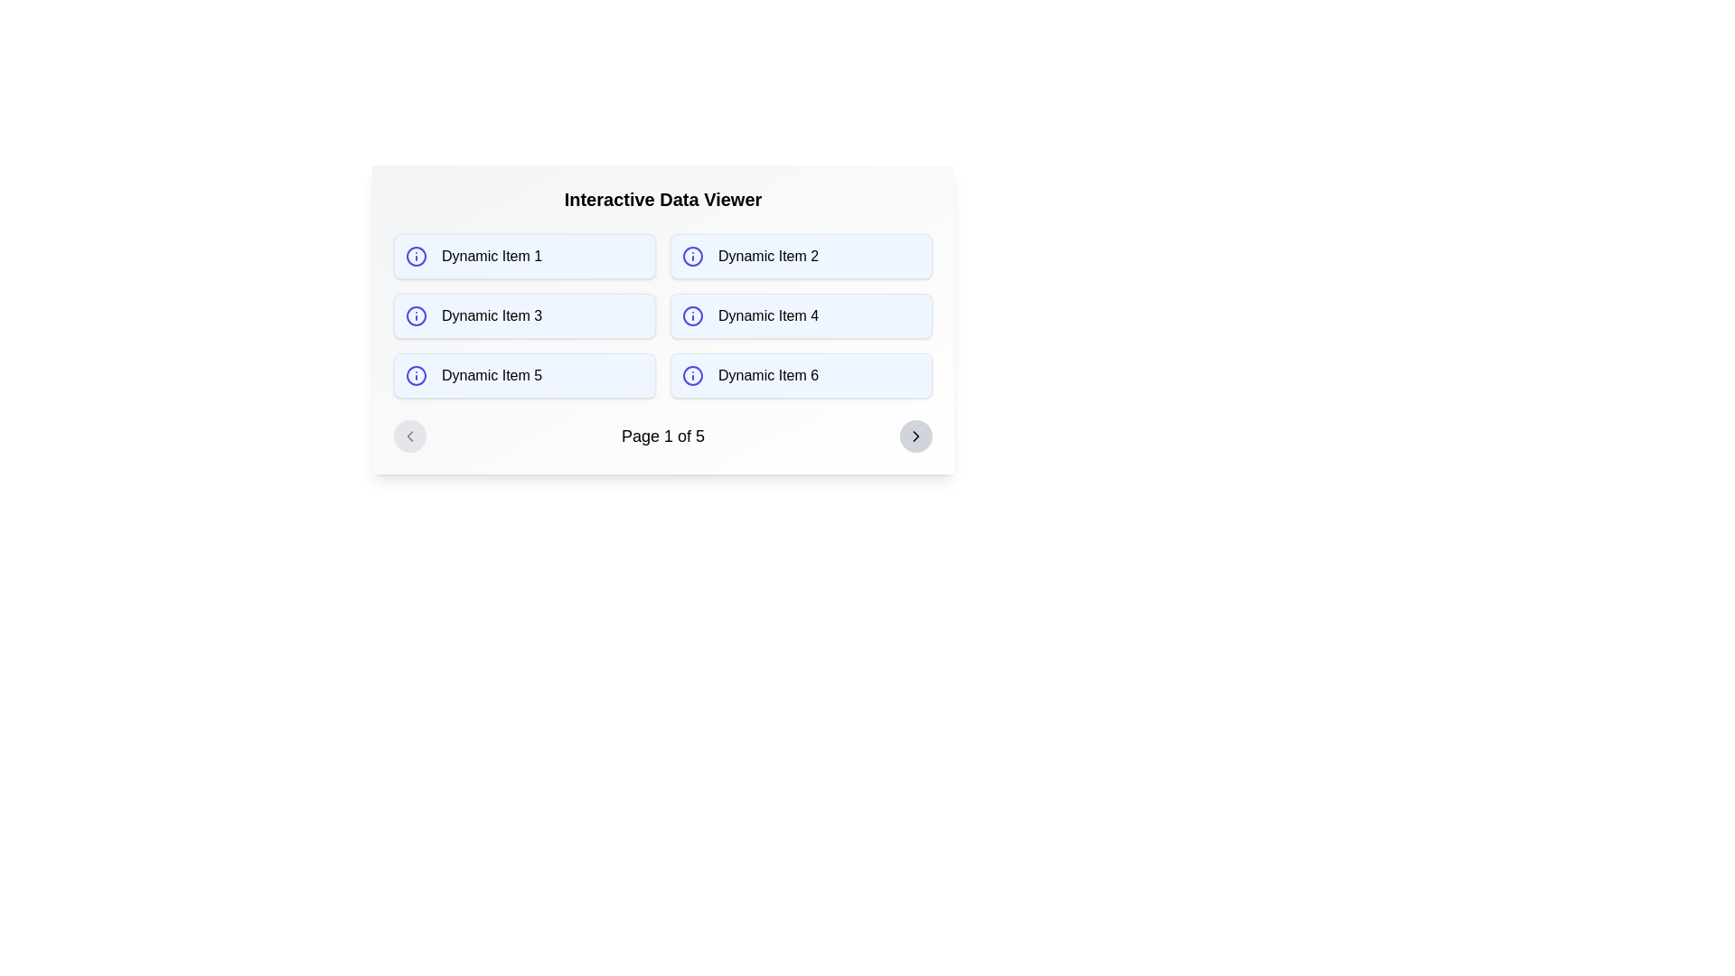 The image size is (1735, 976). Describe the element at coordinates (692, 375) in the screenshot. I see `the Circular SVG graphic element that forms the frame of the informational icon for 'Dynamic Item 6' for assistive reading` at that location.